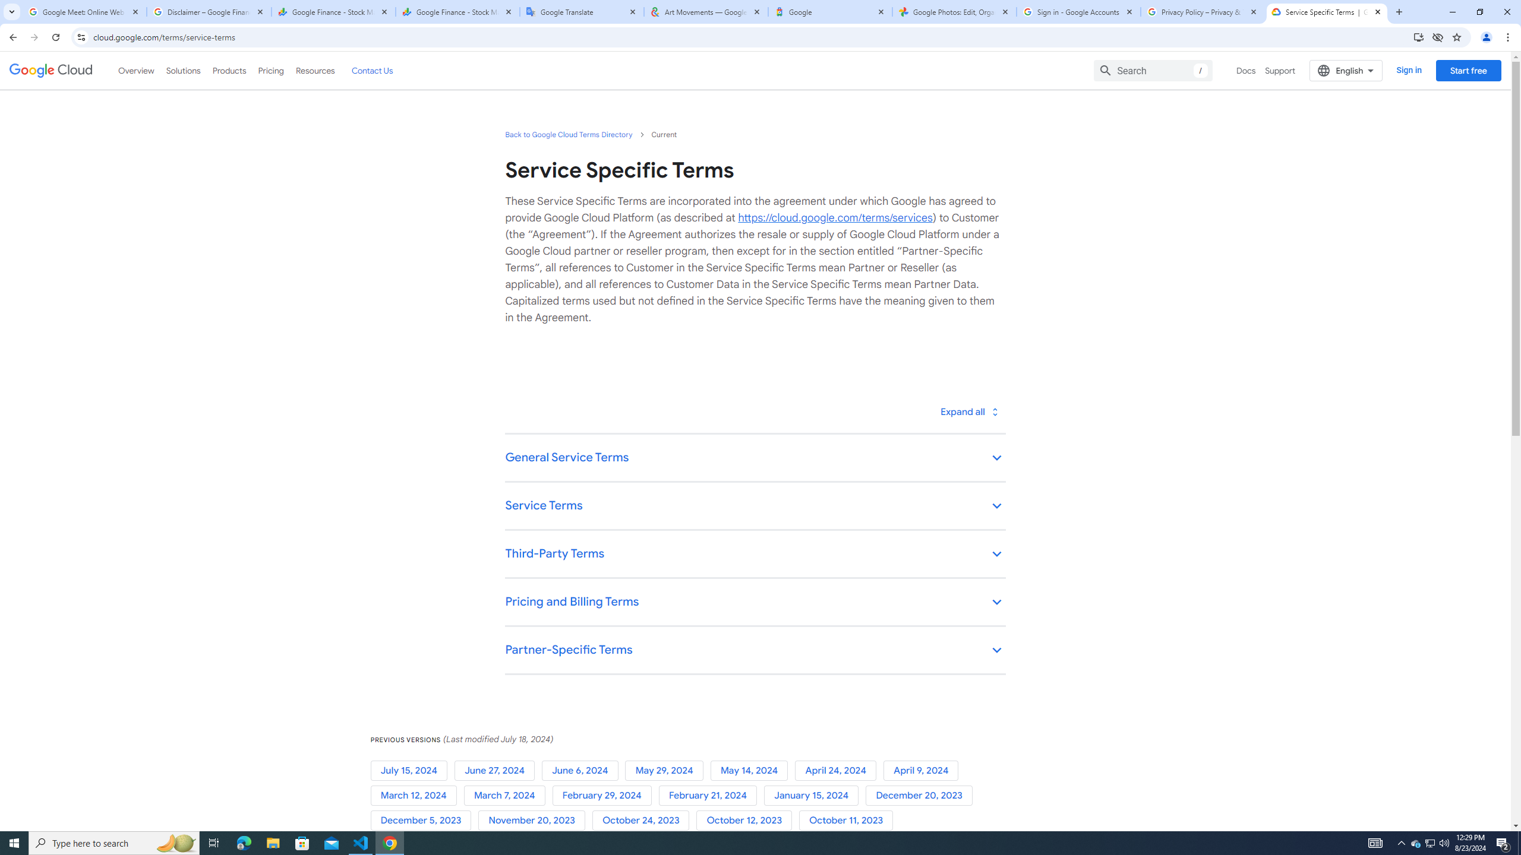 The width and height of the screenshot is (1521, 855). Describe the element at coordinates (753, 771) in the screenshot. I see `'May 14, 2024'` at that location.